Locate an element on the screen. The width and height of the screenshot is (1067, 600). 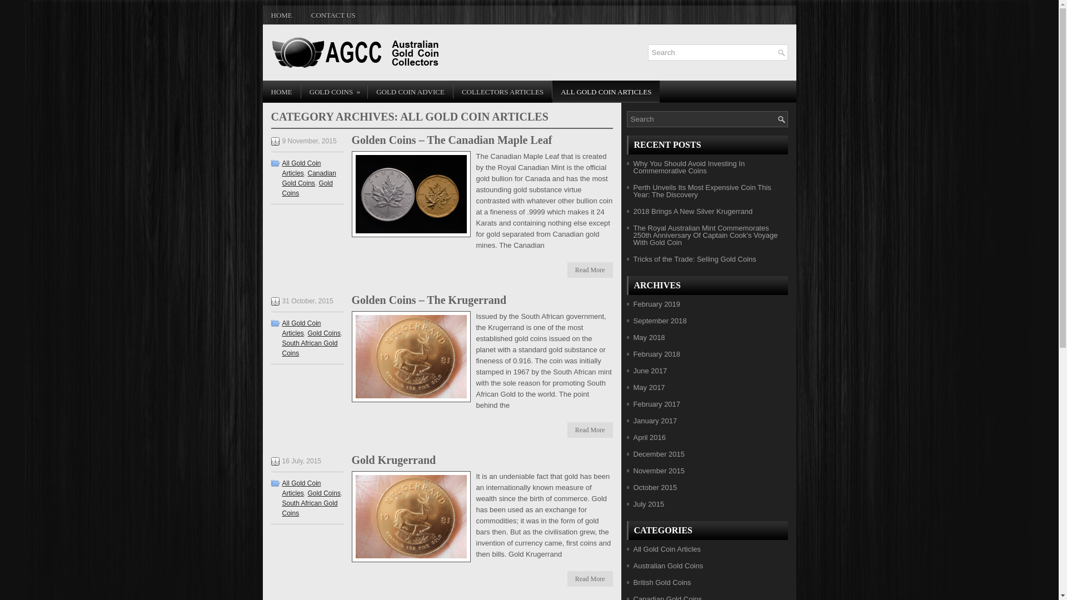
'Why You Should Avoid Investing In Commemorative Coins' is located at coordinates (634, 167).